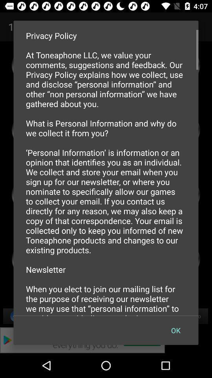  I want to click on item at the bottom right corner, so click(175, 330).